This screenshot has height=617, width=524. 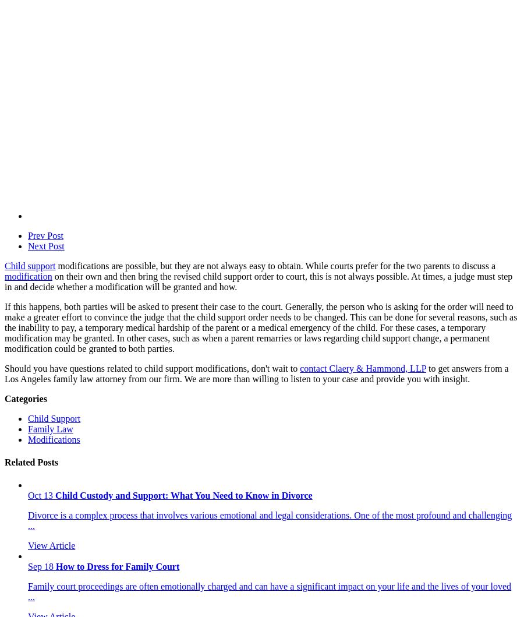 What do you see at coordinates (53, 418) in the screenshot?
I see `'Child Support'` at bounding box center [53, 418].